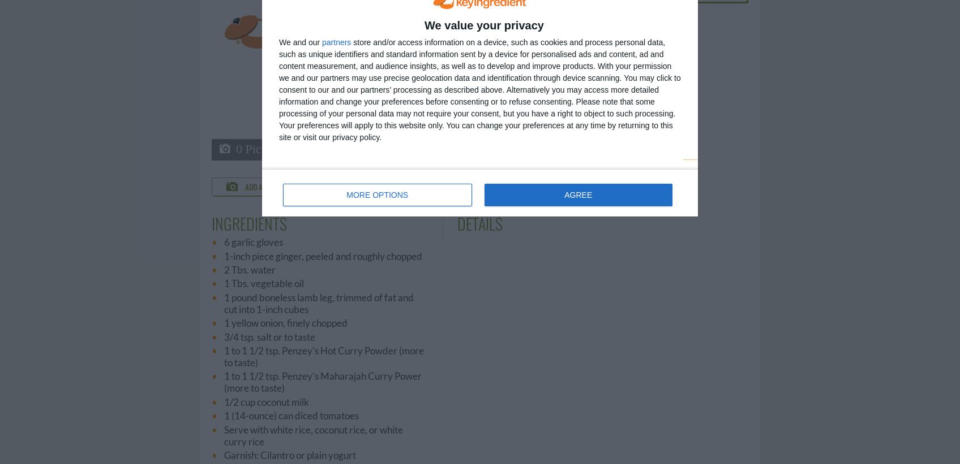 This screenshot has height=464, width=960. I want to click on '0 Picture', so click(235, 148).